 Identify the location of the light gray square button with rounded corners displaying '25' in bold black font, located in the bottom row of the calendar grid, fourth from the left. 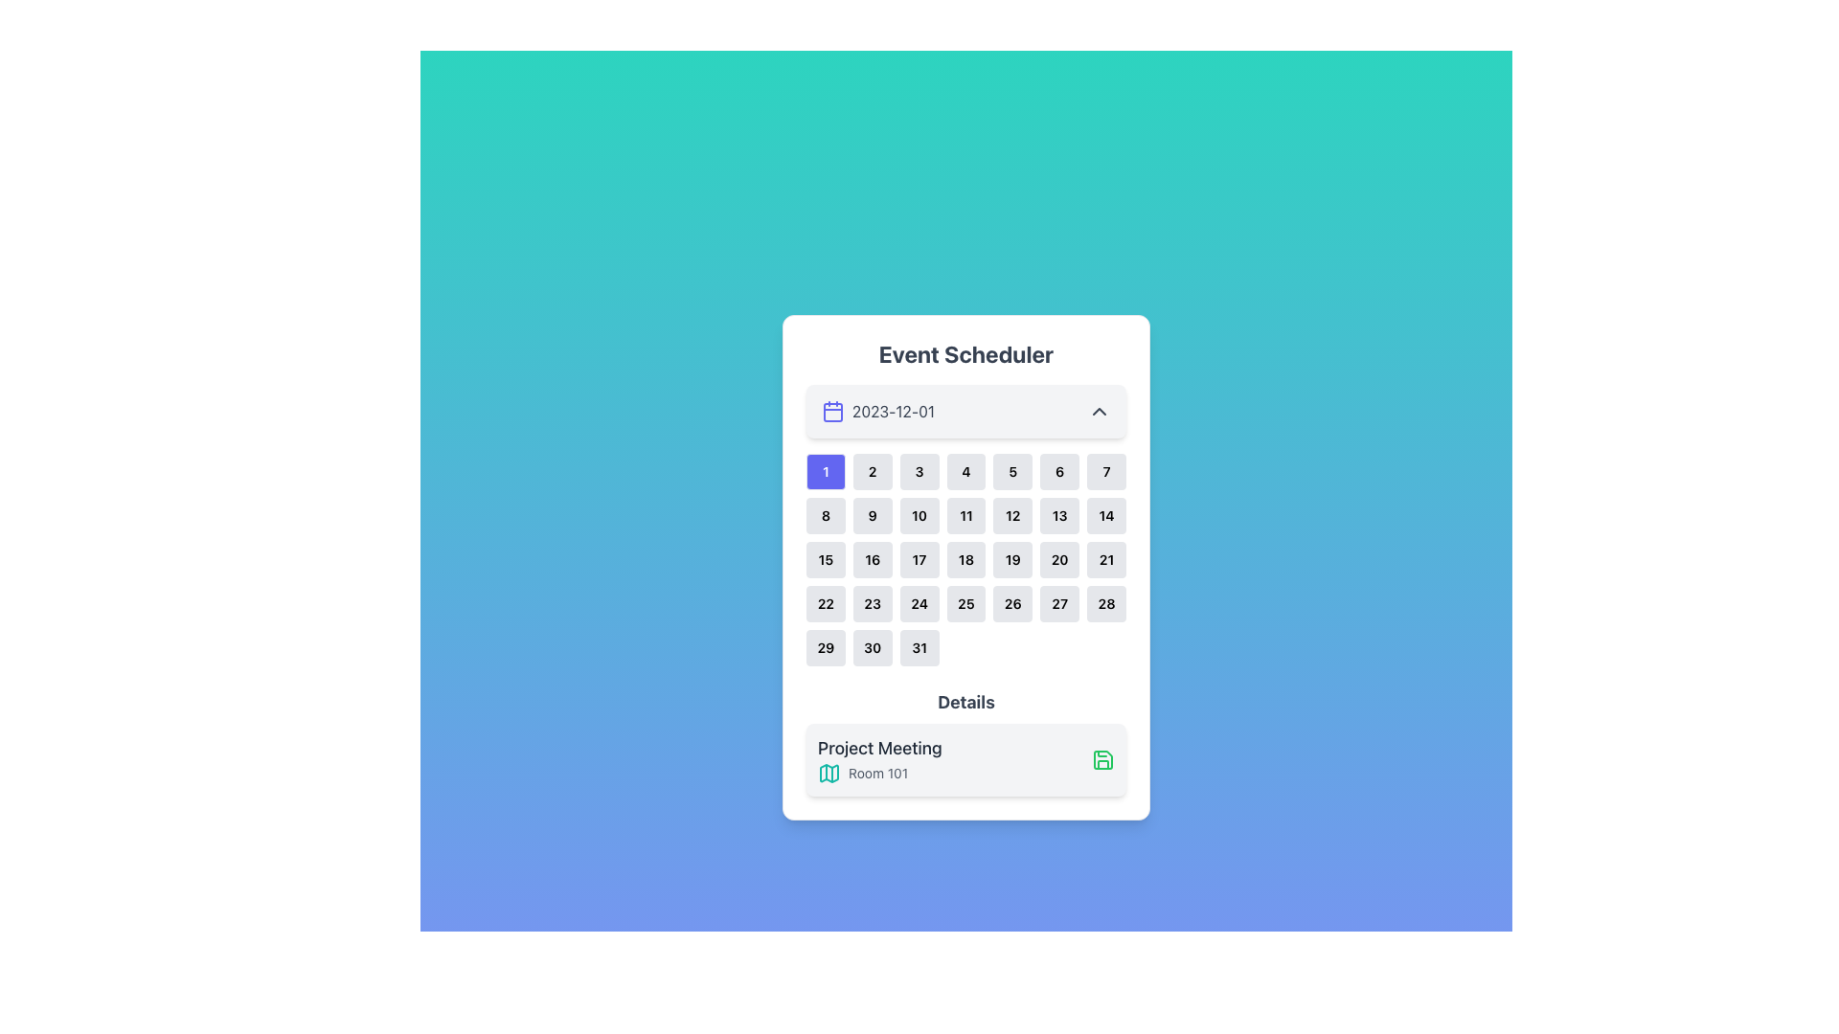
(965, 604).